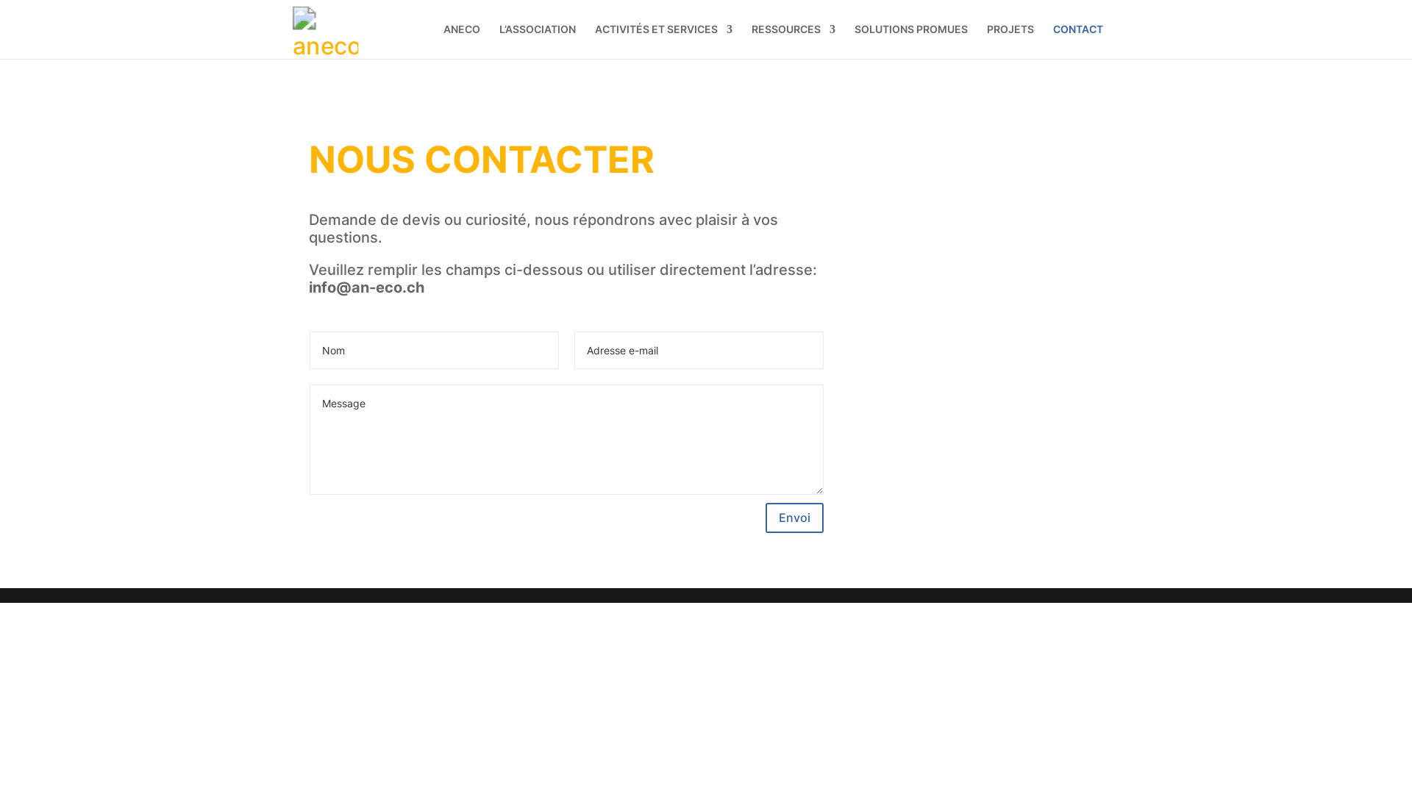 The width and height of the screenshot is (1412, 794). Describe the element at coordinates (1009, 40) in the screenshot. I see `'PROJETS'` at that location.